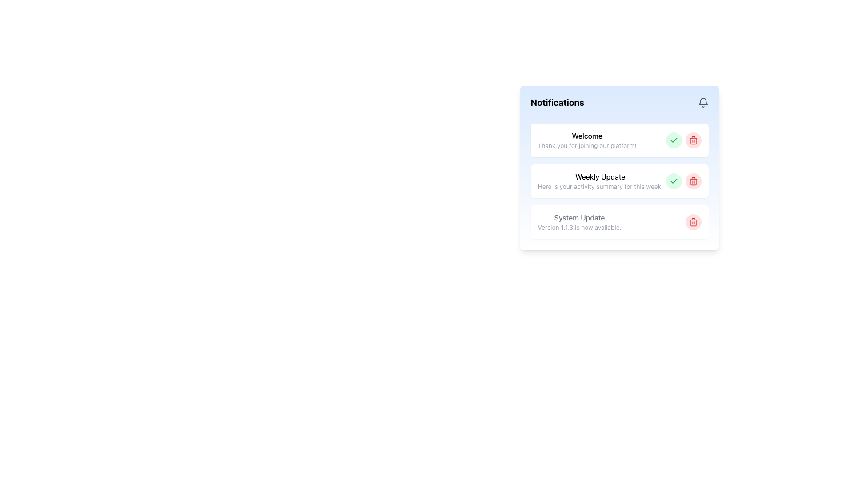  I want to click on the text snippet reading 'Thank you for joining our platform!' located below the 'Welcome' heading within the notification card, so click(587, 145).